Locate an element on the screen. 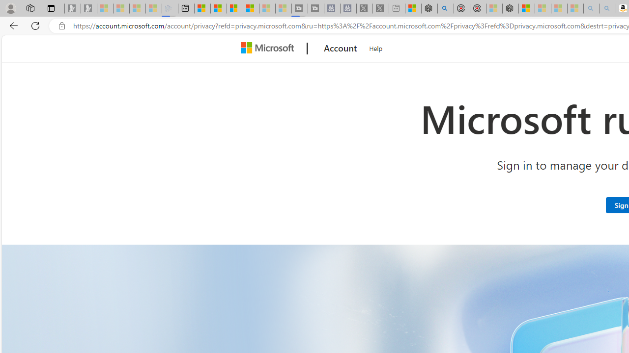 The height and width of the screenshot is (353, 629). 'Help' is located at coordinates (375, 47).